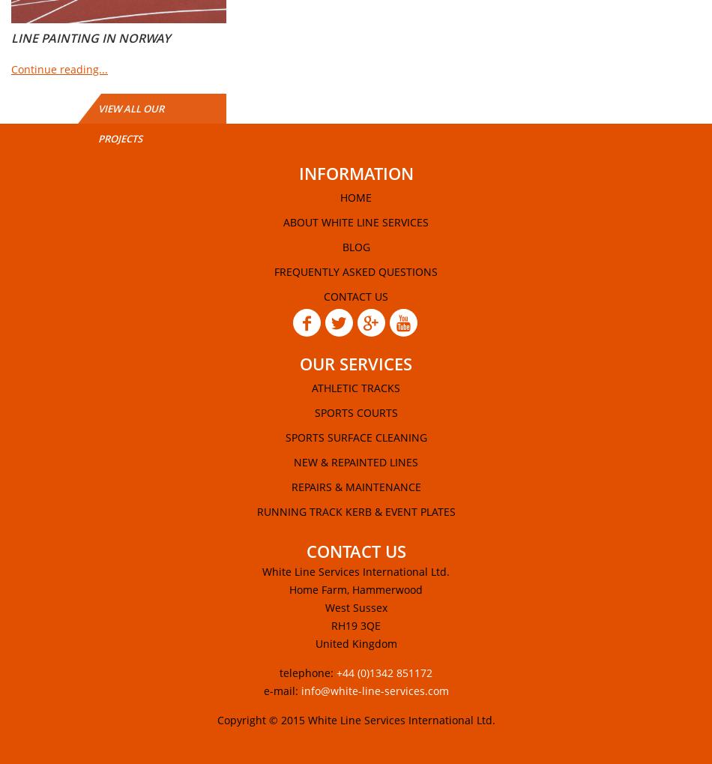 The image size is (712, 764). What do you see at coordinates (59, 69) in the screenshot?
I see `'Continue reading...'` at bounding box center [59, 69].